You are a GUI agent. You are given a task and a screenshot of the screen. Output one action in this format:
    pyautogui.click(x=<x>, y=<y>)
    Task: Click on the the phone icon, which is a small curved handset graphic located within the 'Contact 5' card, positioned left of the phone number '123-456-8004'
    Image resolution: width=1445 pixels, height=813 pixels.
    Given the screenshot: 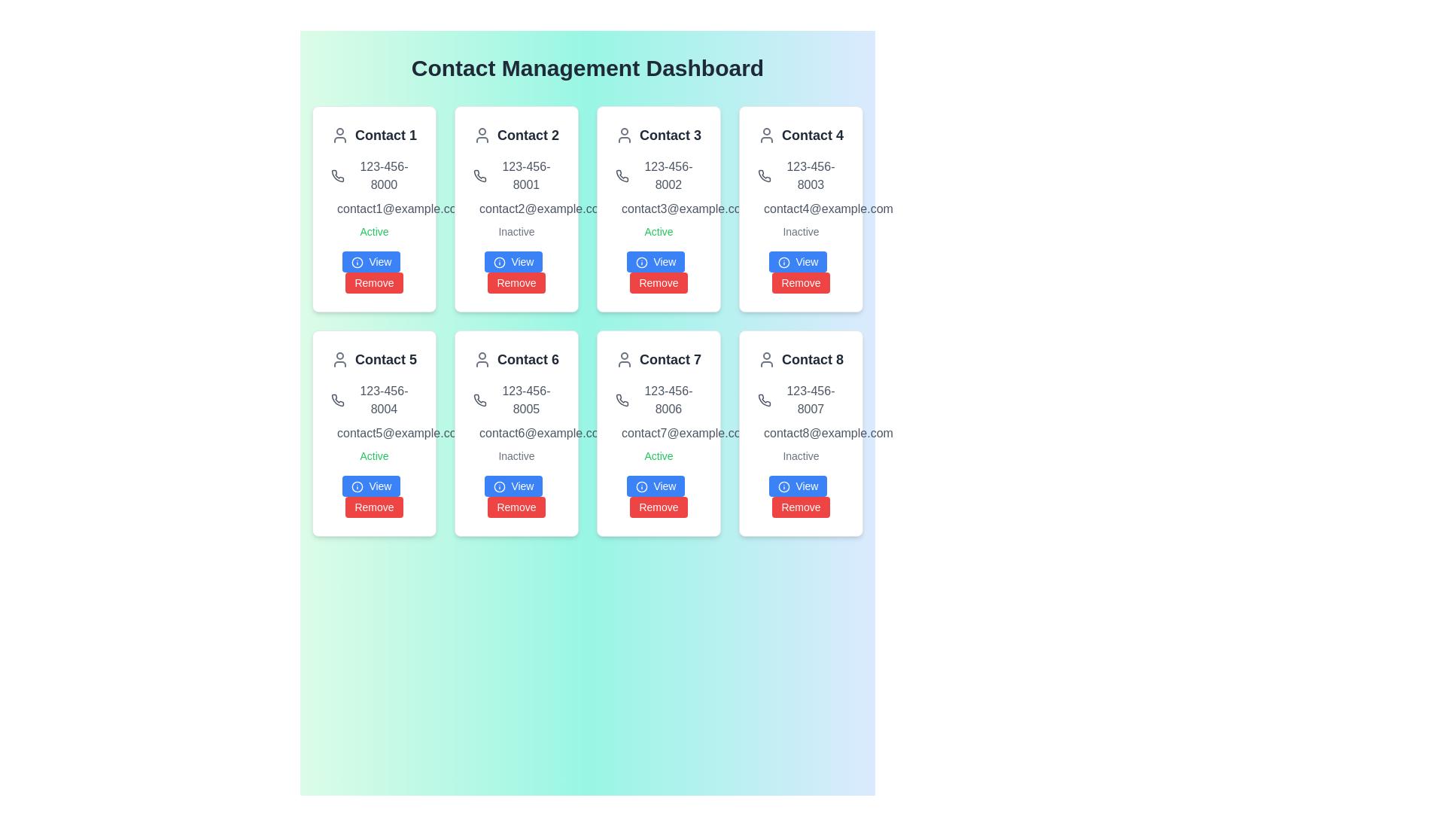 What is the action you would take?
    pyautogui.click(x=336, y=400)
    